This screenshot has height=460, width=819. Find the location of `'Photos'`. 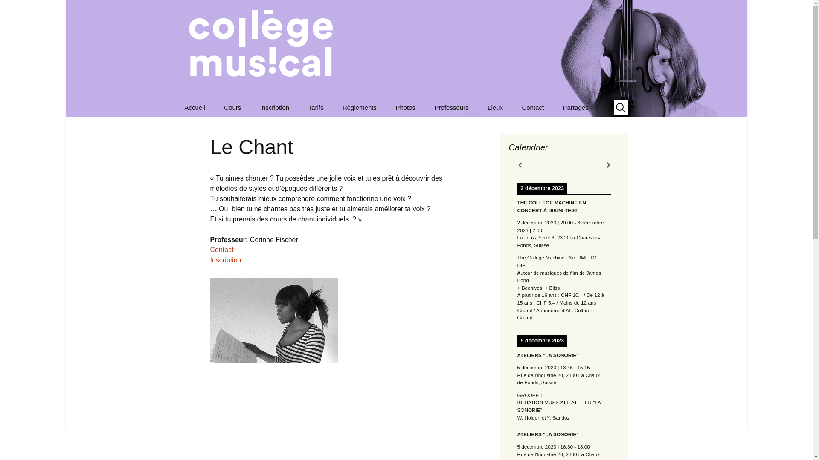

'Photos' is located at coordinates (405, 107).